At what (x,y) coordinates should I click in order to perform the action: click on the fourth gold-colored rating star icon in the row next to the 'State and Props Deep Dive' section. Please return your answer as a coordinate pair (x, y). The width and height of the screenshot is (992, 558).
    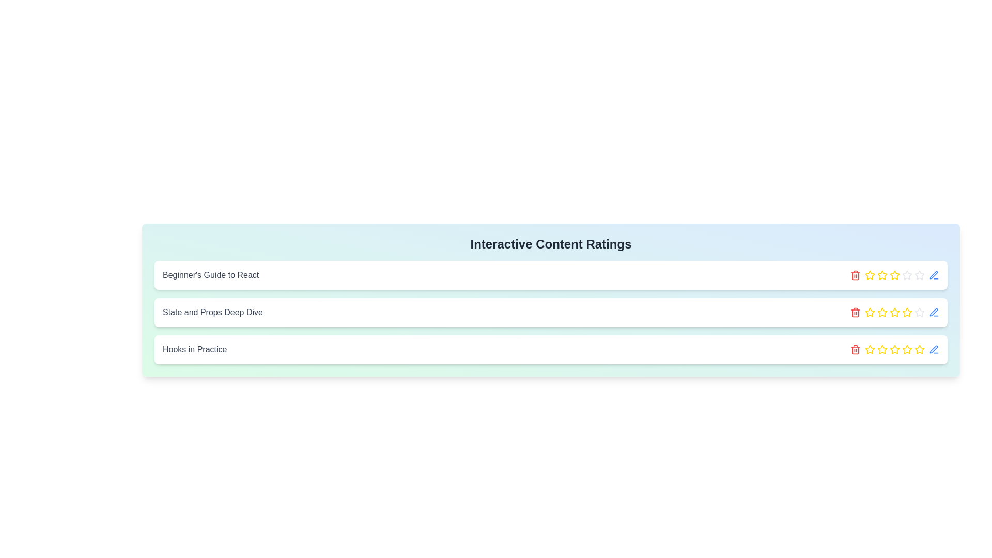
    Looking at the image, I should click on (894, 274).